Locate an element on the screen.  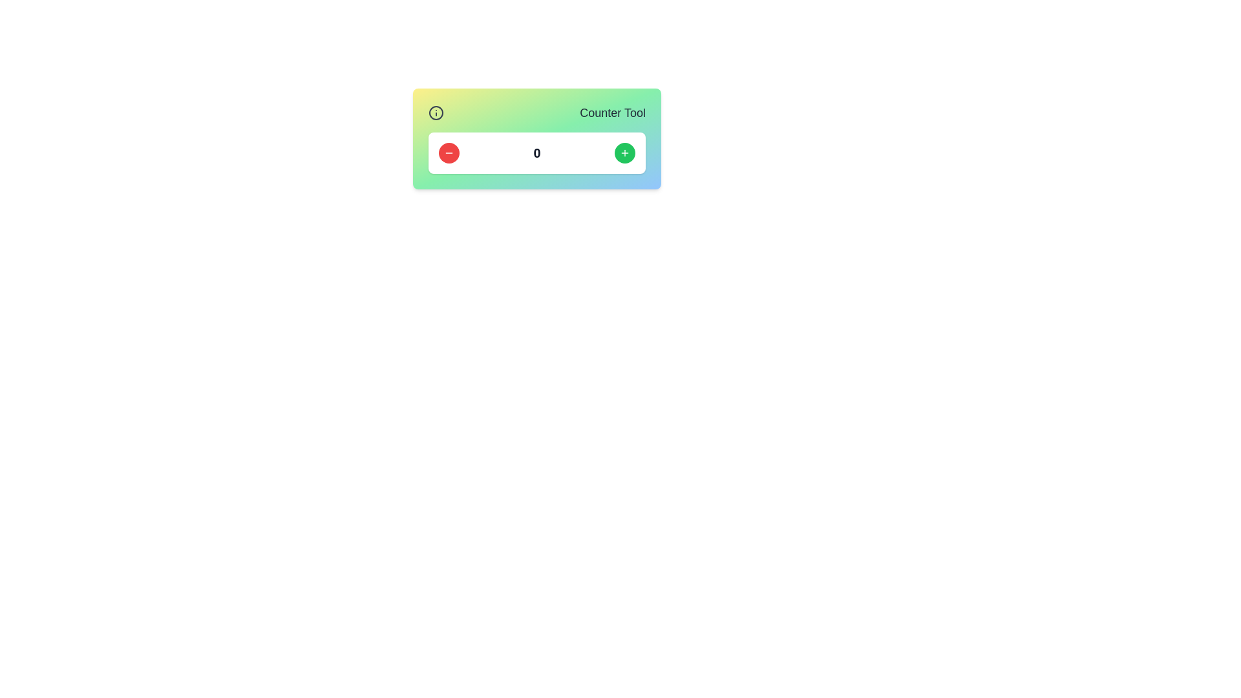
the increment button, which is the rightmost button in the control group is located at coordinates (624, 152).